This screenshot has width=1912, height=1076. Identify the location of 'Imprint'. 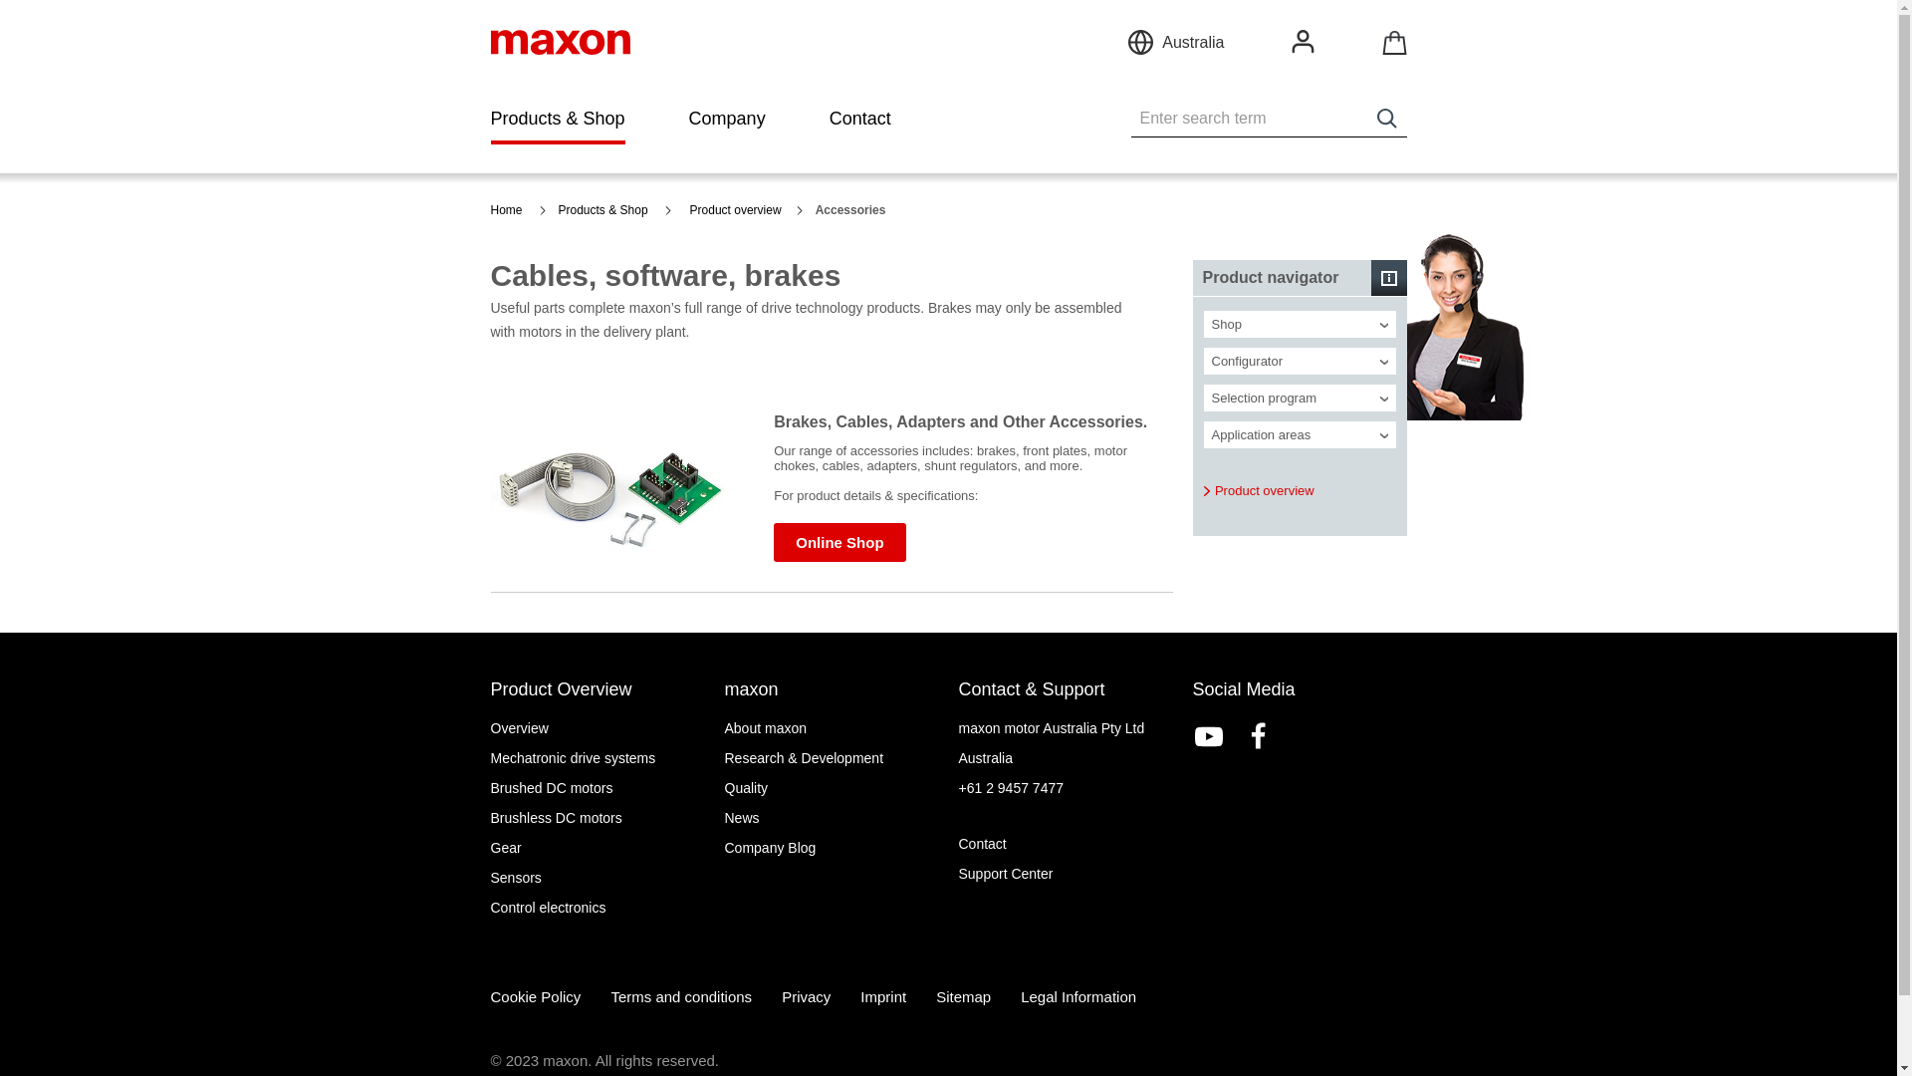
(882, 996).